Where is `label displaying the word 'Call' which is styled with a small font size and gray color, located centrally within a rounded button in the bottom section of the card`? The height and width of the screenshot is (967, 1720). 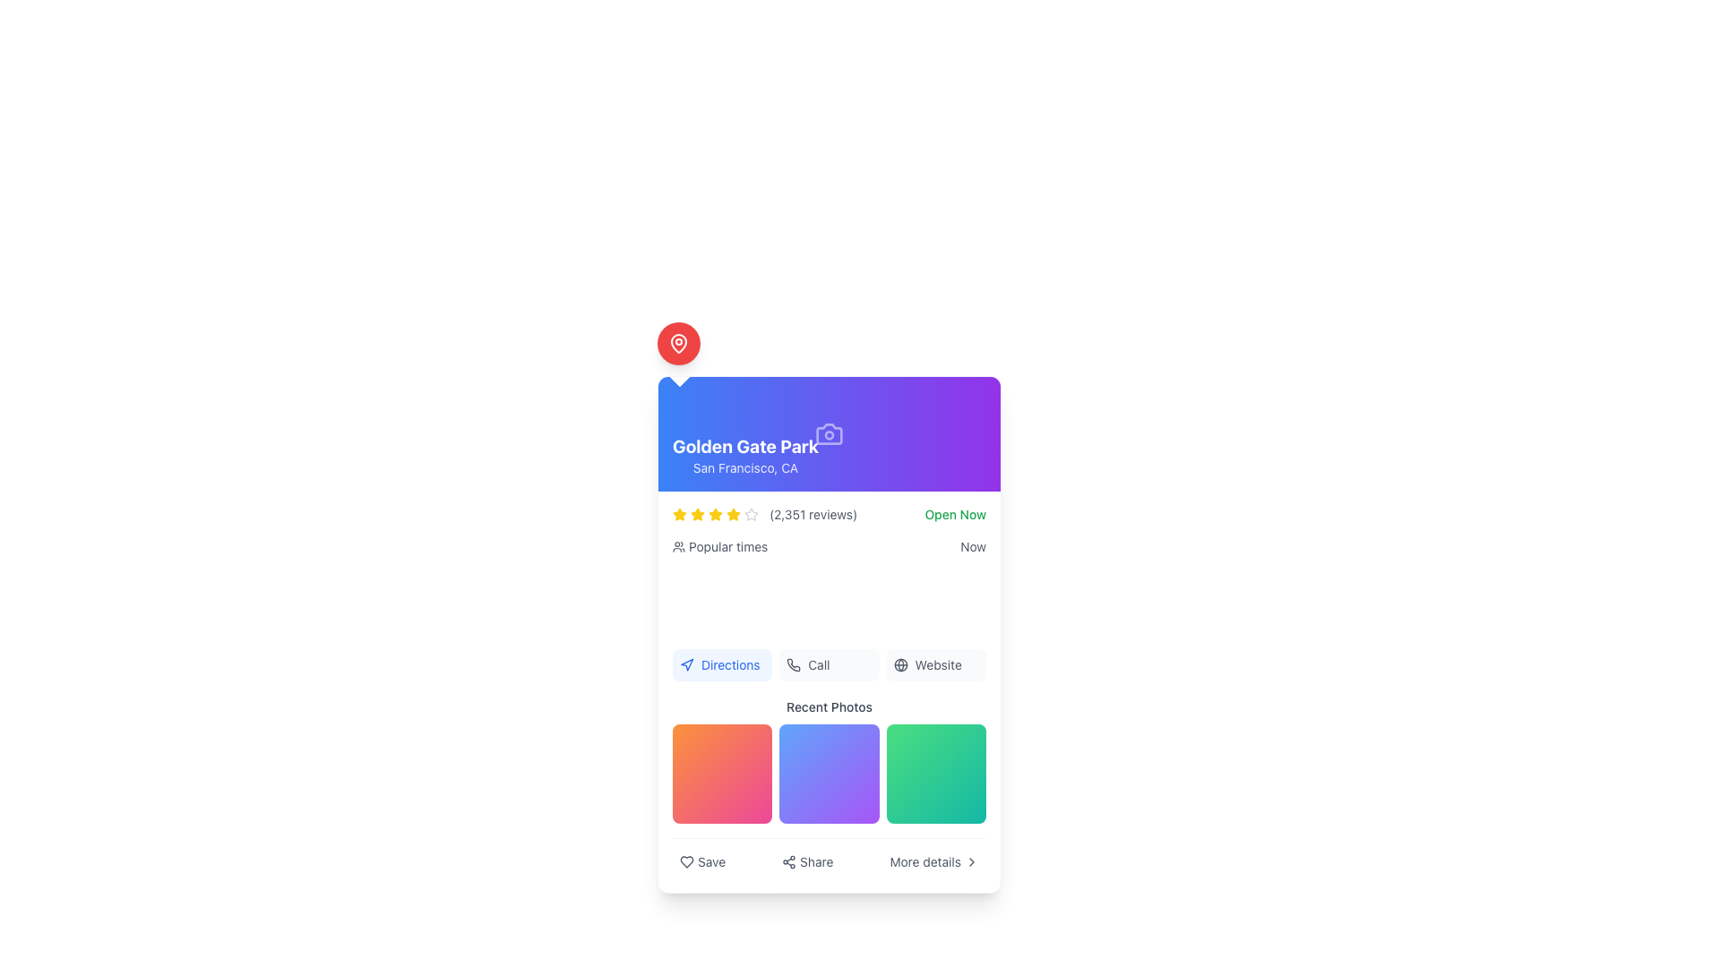
label displaying the word 'Call' which is styled with a small font size and gray color, located centrally within a rounded button in the bottom section of the card is located at coordinates (818, 665).